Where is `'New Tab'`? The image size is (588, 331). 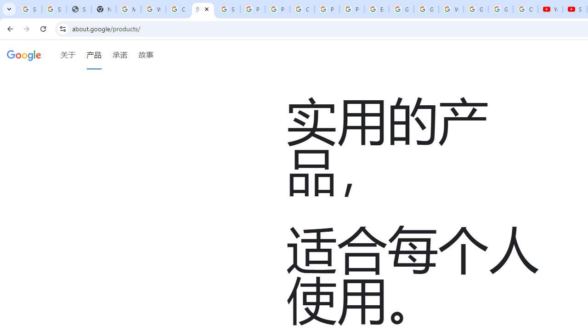 'New Tab' is located at coordinates (103, 9).